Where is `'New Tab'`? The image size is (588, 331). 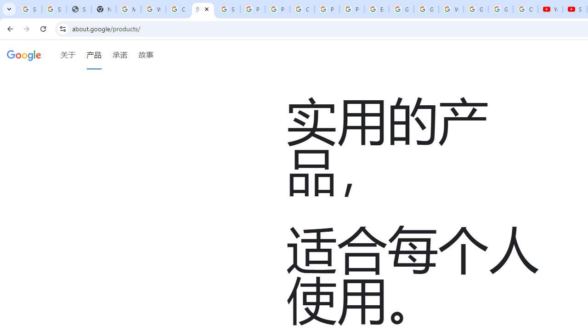 'New Tab' is located at coordinates (103, 9).